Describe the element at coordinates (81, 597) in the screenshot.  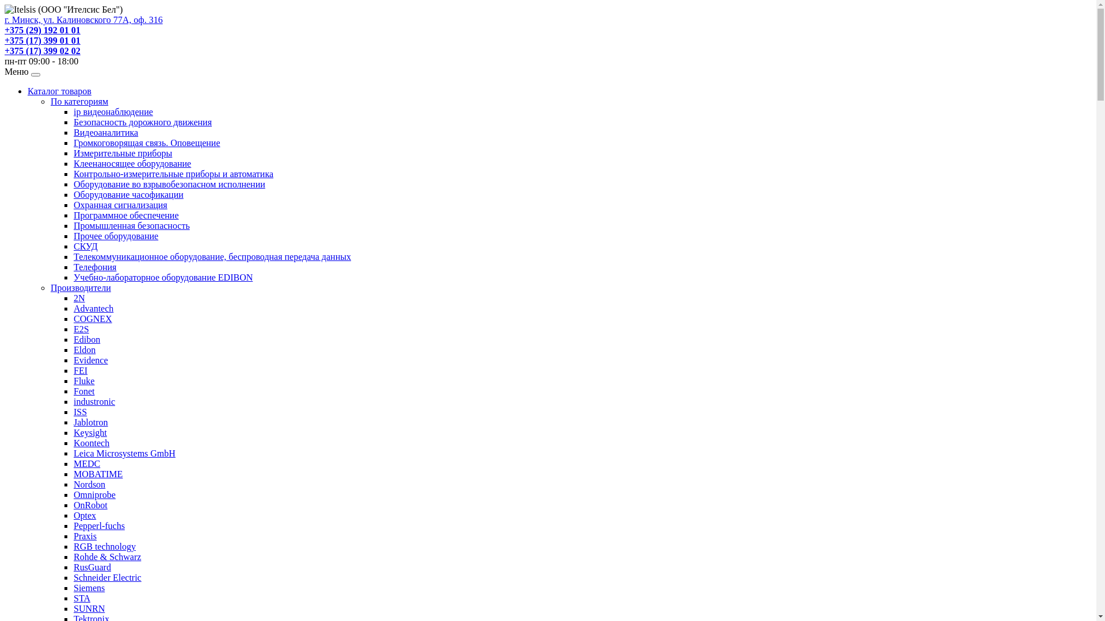
I see `'STA'` at that location.